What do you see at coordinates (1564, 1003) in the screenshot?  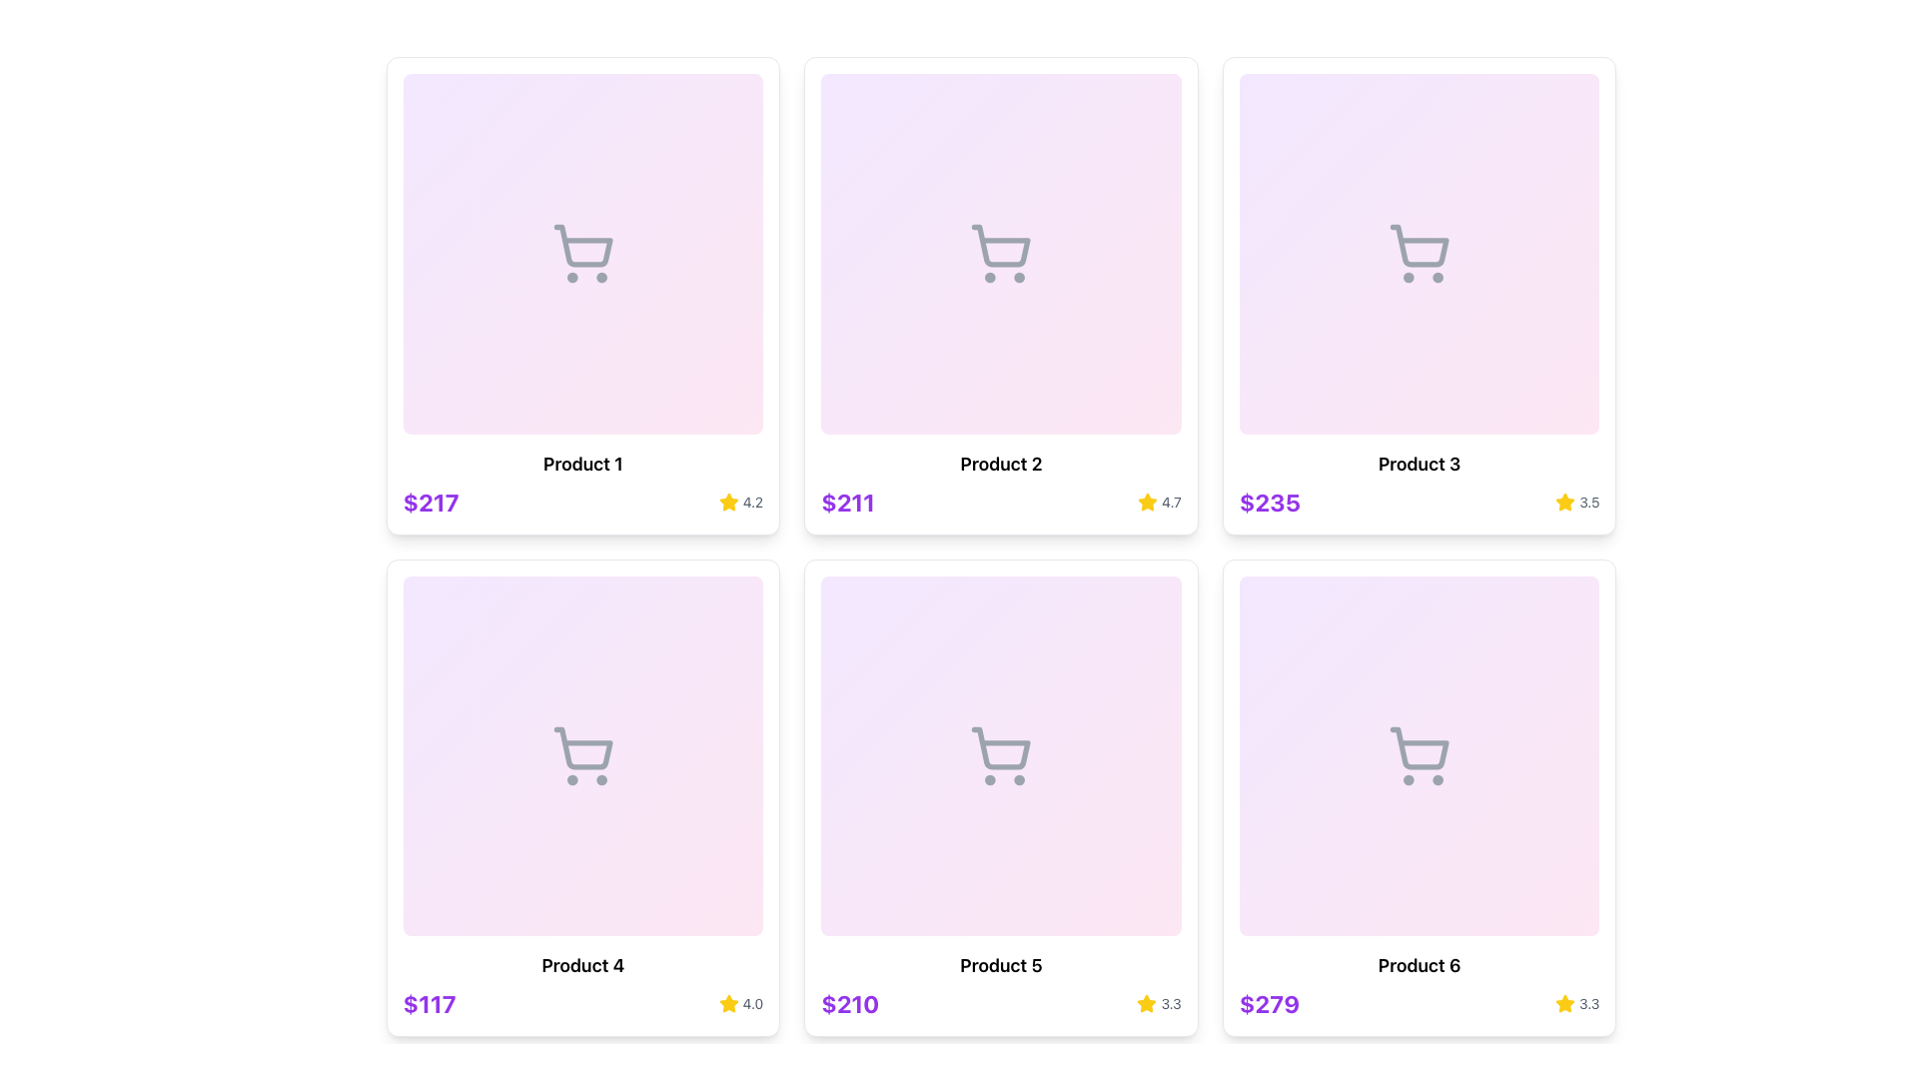 I see `the star-shaped icon with a yellow fill and outline located in the bottom-right corner of the card for 'Product 6', which is adjacent` at bounding box center [1564, 1003].